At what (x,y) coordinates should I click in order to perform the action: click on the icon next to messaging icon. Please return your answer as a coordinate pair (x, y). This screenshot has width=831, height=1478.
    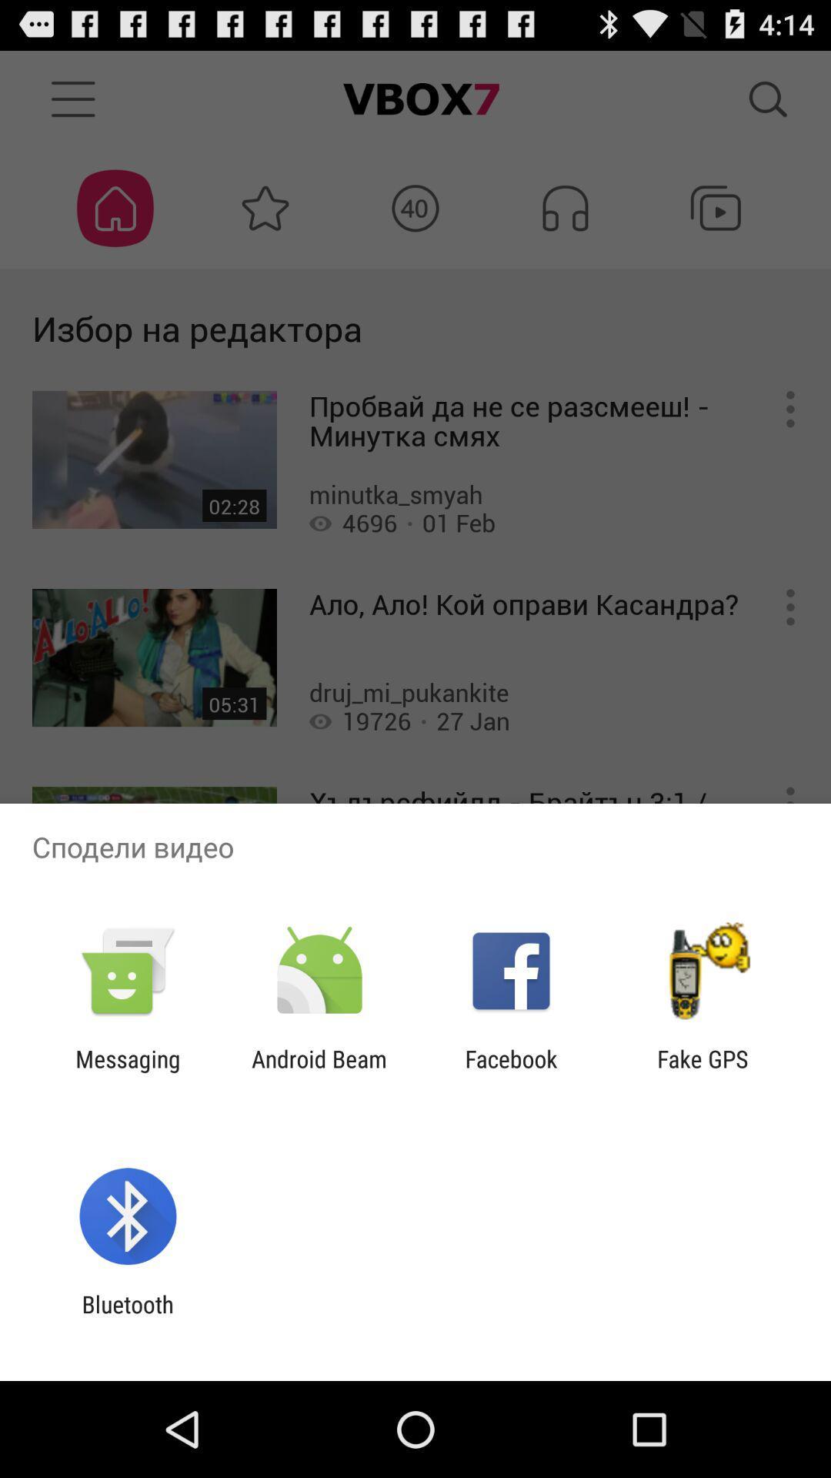
    Looking at the image, I should click on (319, 1072).